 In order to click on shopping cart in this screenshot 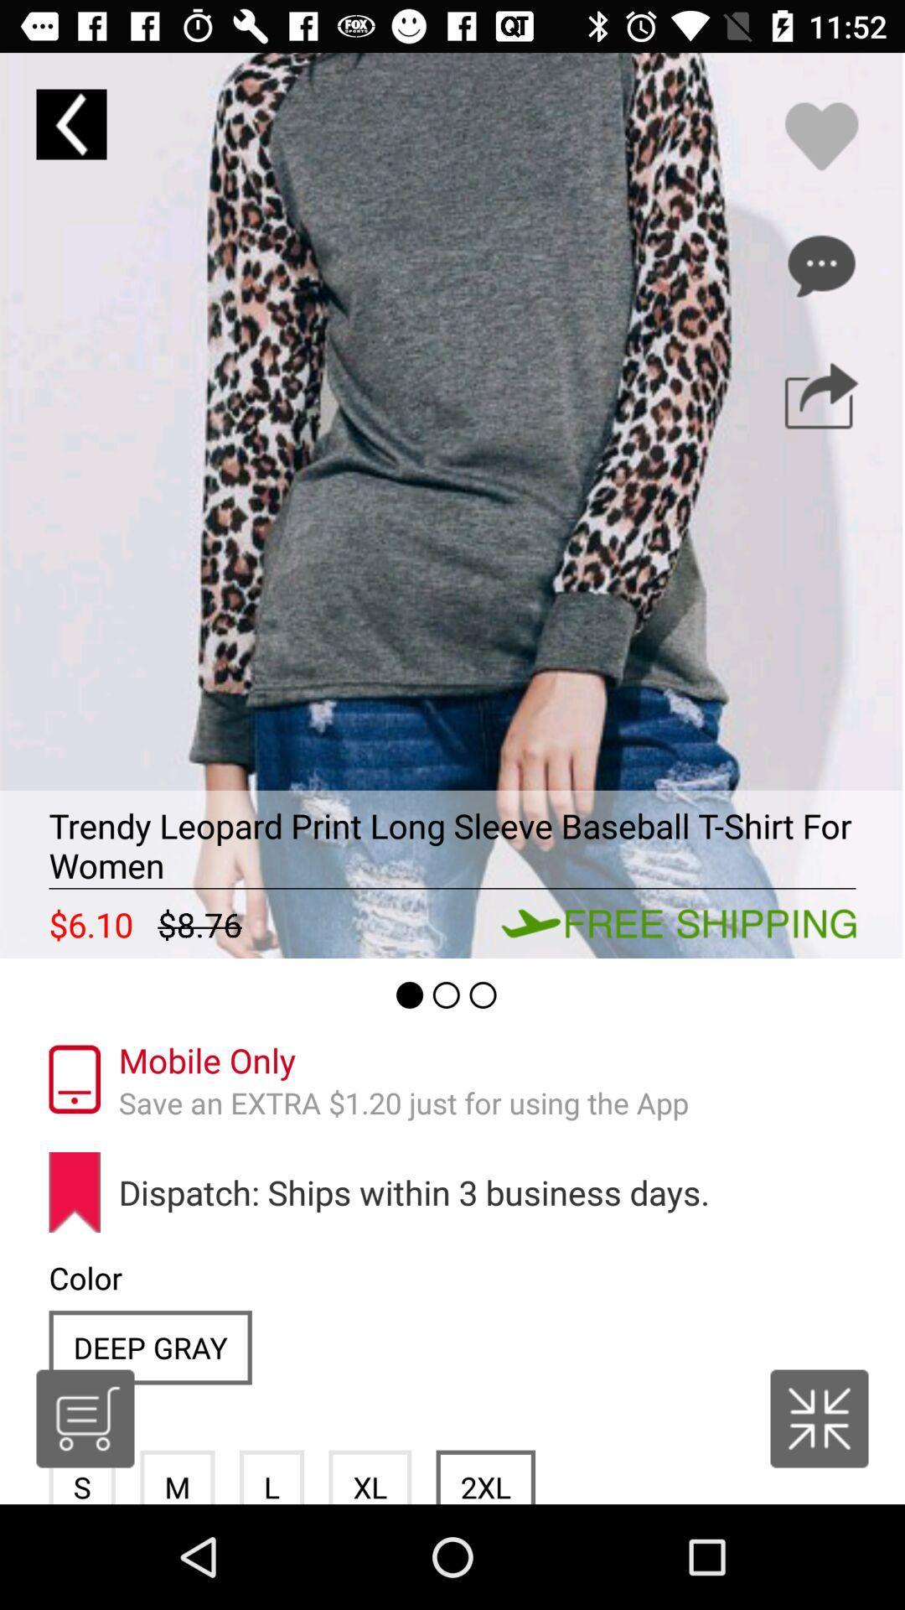, I will do `click(85, 1418)`.